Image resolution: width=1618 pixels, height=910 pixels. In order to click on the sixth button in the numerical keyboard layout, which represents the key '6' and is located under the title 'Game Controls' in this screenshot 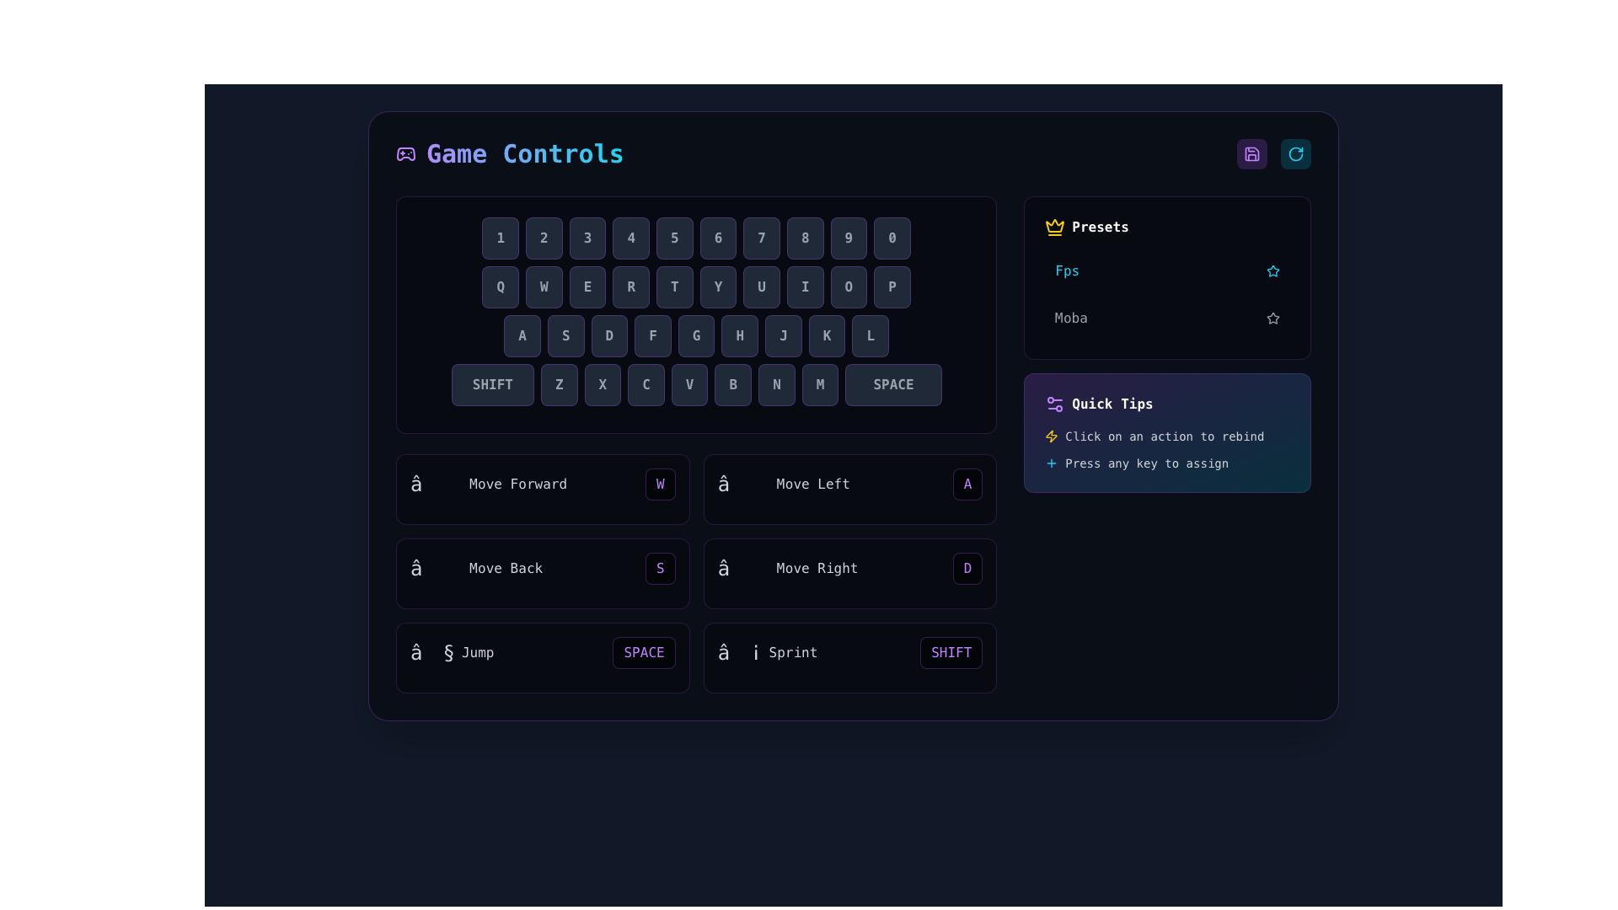, I will do `click(718, 238)`.